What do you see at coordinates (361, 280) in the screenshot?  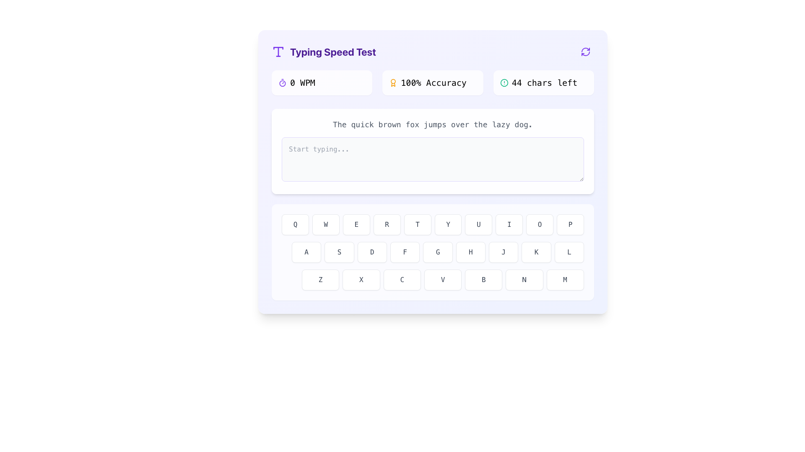 I see `the rectangular button with rounded corners labeled 'X' to input the letter X` at bounding box center [361, 280].